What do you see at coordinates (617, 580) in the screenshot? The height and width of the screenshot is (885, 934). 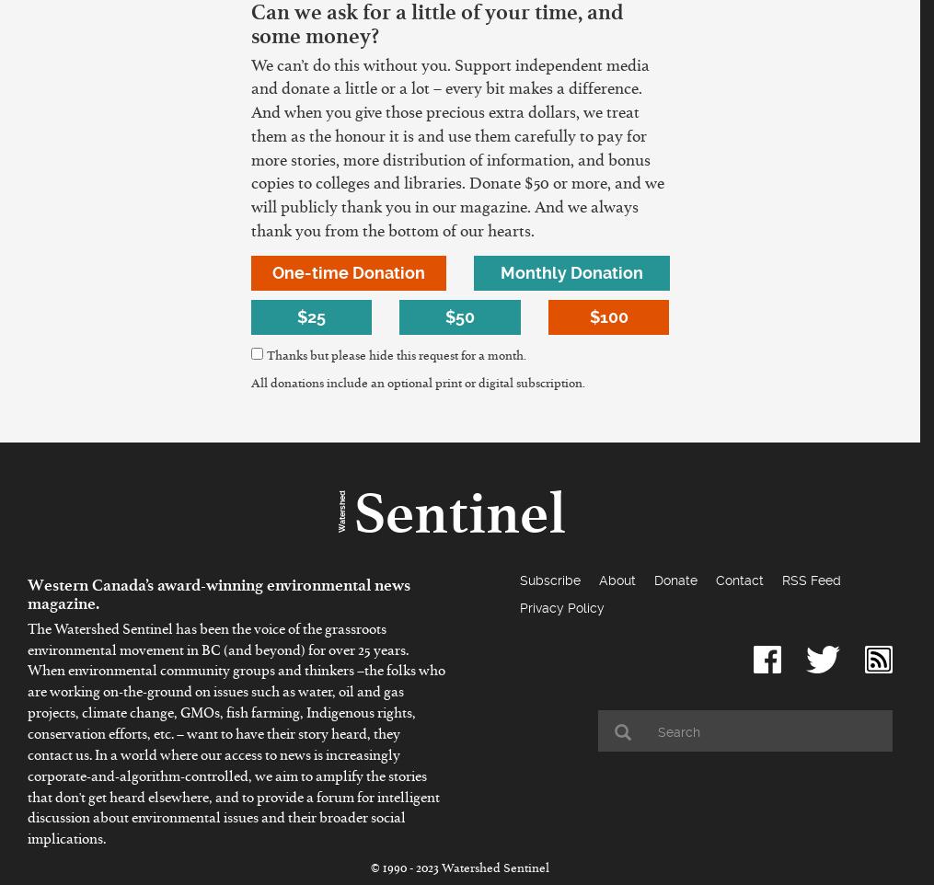 I see `'About'` at bounding box center [617, 580].